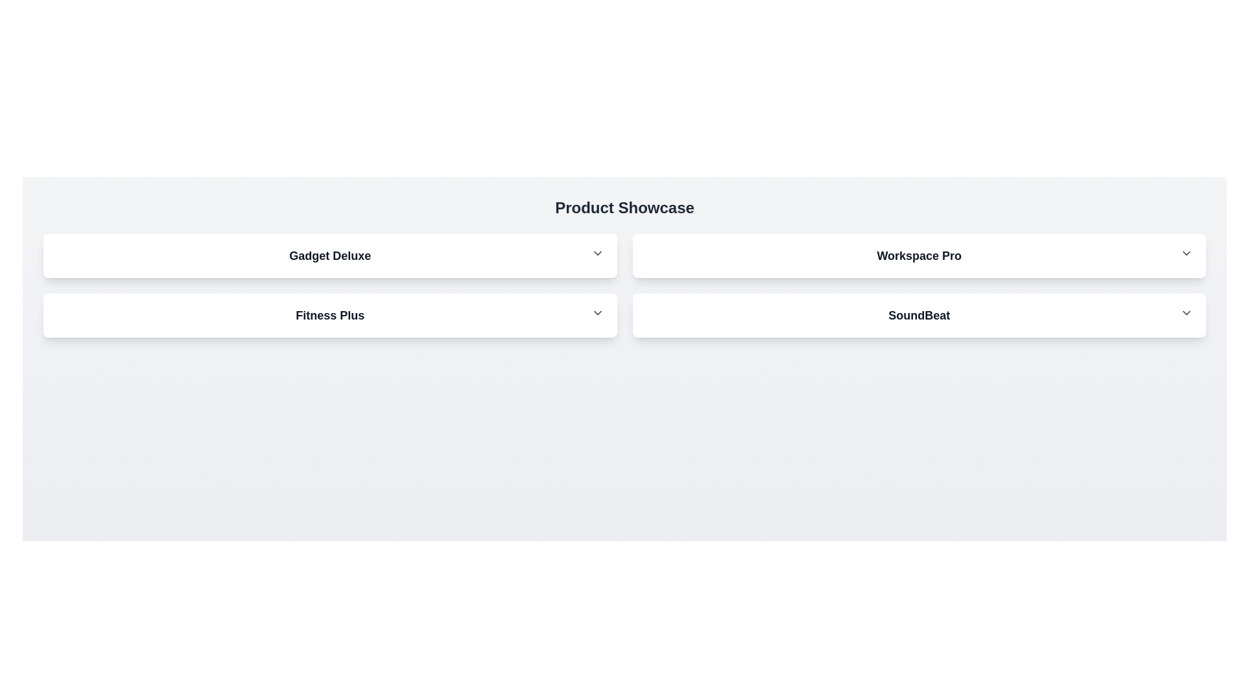  I want to click on the SVG chevron icon in the top-right corner of the 'Workspace Pro' card, so click(1186, 253).